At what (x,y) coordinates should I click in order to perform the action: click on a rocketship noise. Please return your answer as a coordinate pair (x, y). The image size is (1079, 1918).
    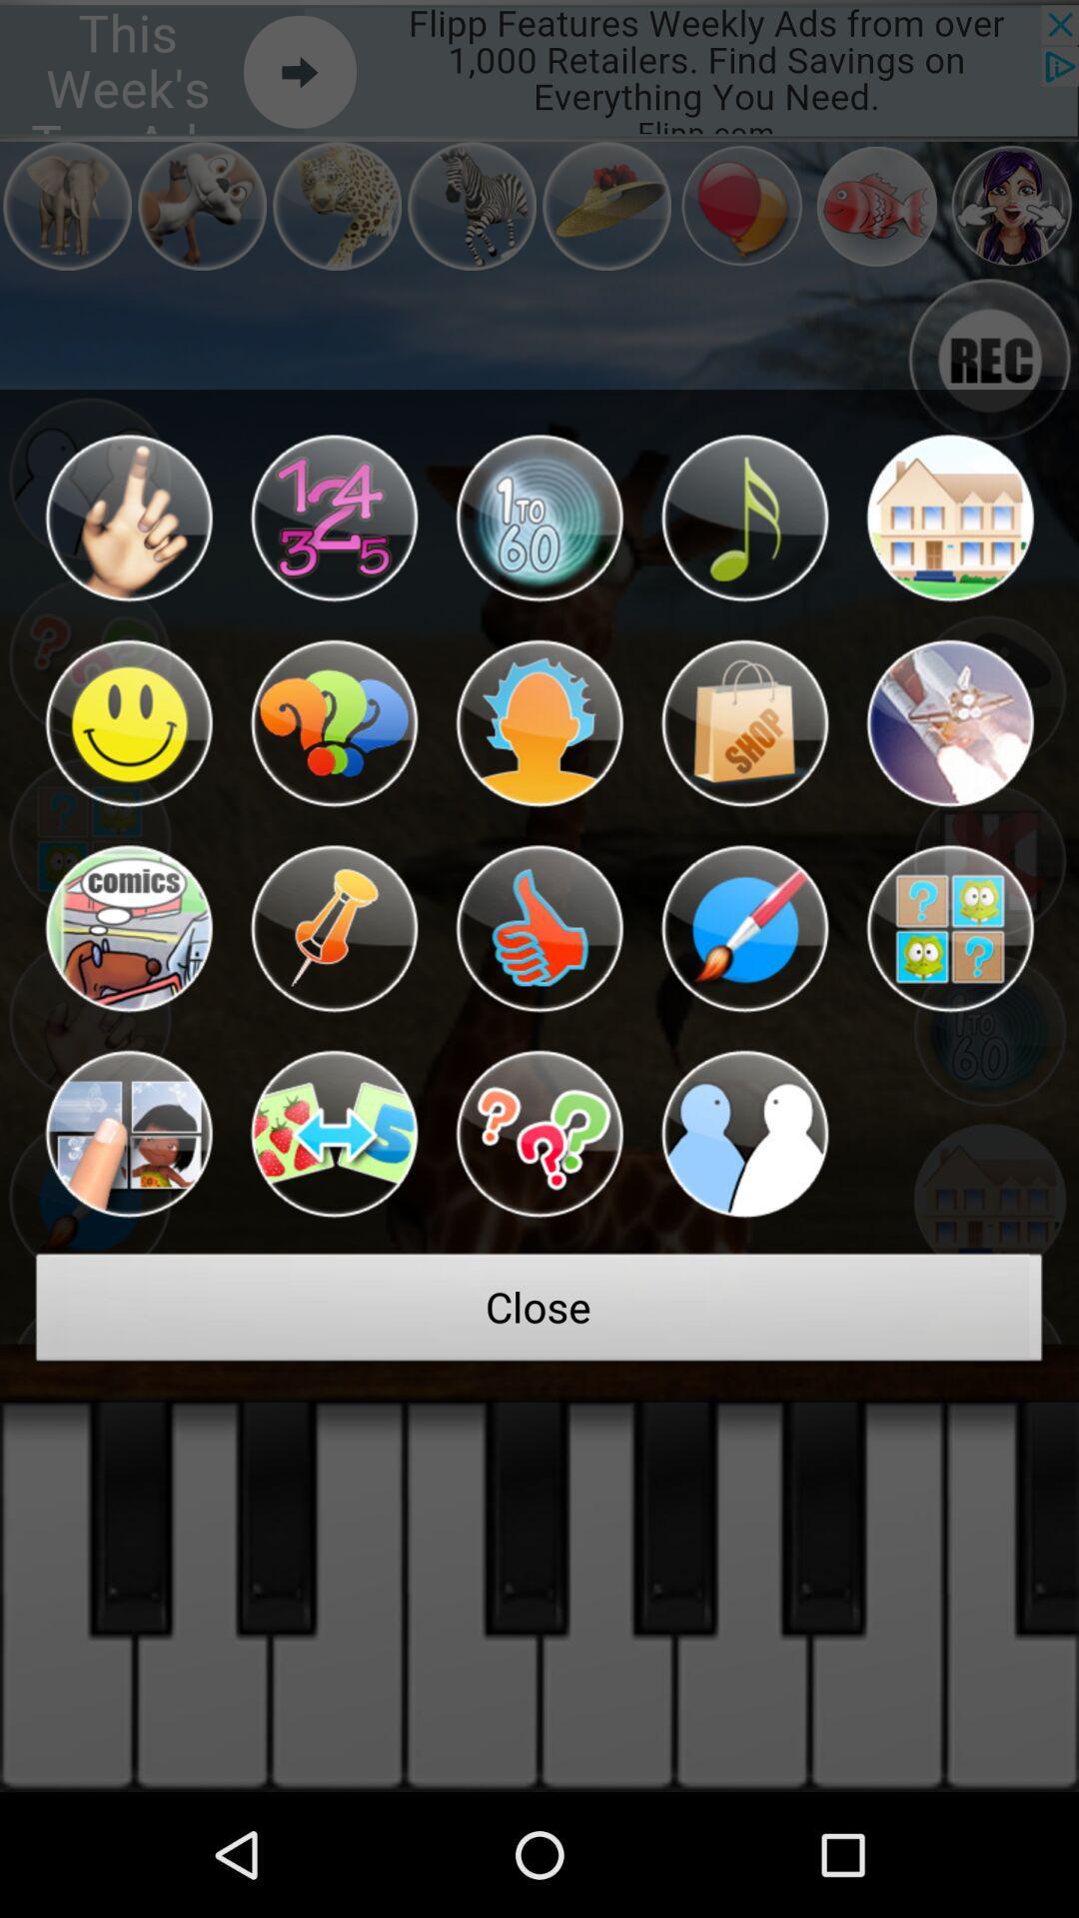
    Looking at the image, I should click on (949, 722).